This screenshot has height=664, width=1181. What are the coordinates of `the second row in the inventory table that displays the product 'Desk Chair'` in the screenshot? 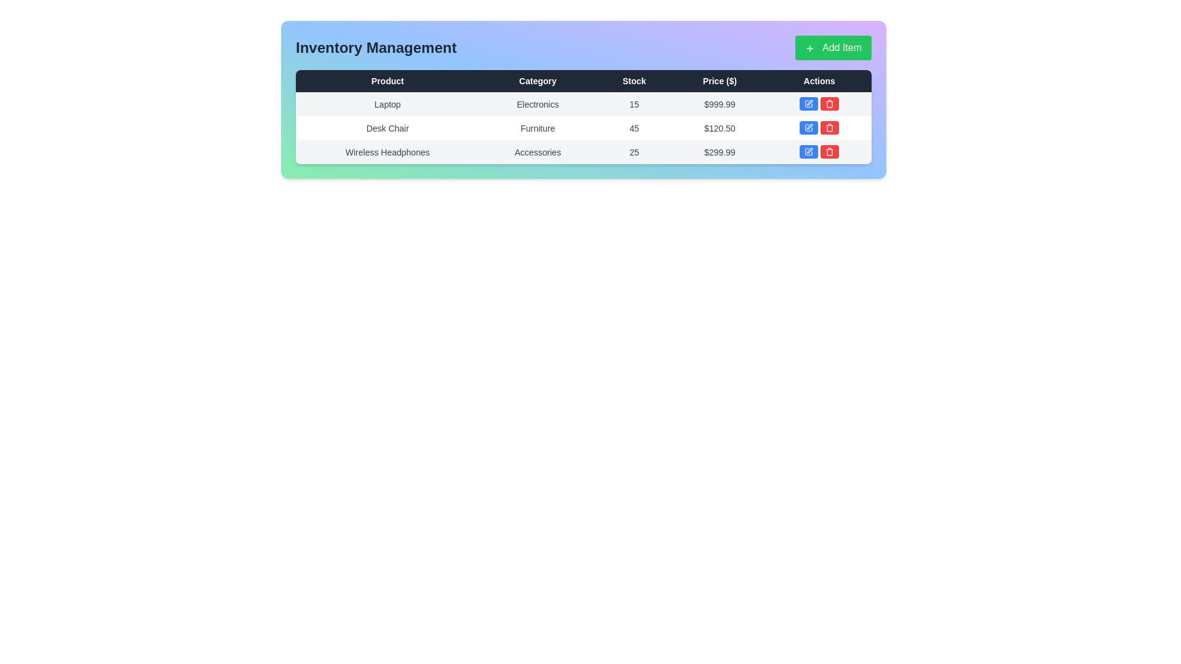 It's located at (583, 128).